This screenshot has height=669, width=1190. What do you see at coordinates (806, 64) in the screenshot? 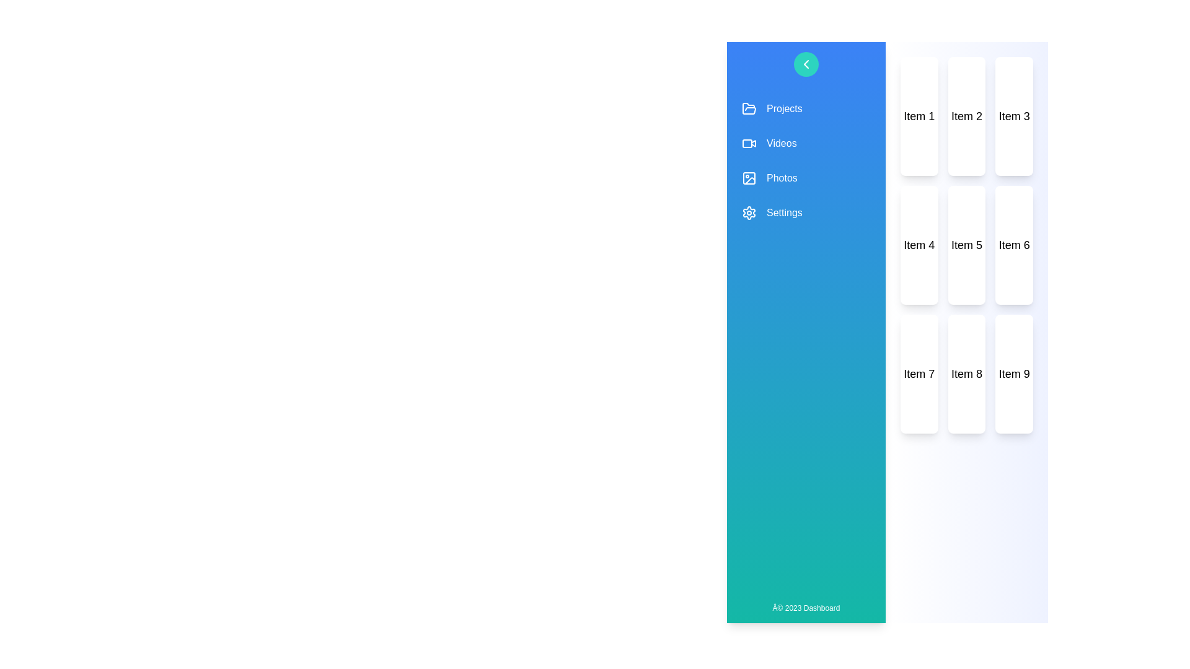
I see `toggle button to toggle the sidebar open or closed` at bounding box center [806, 64].